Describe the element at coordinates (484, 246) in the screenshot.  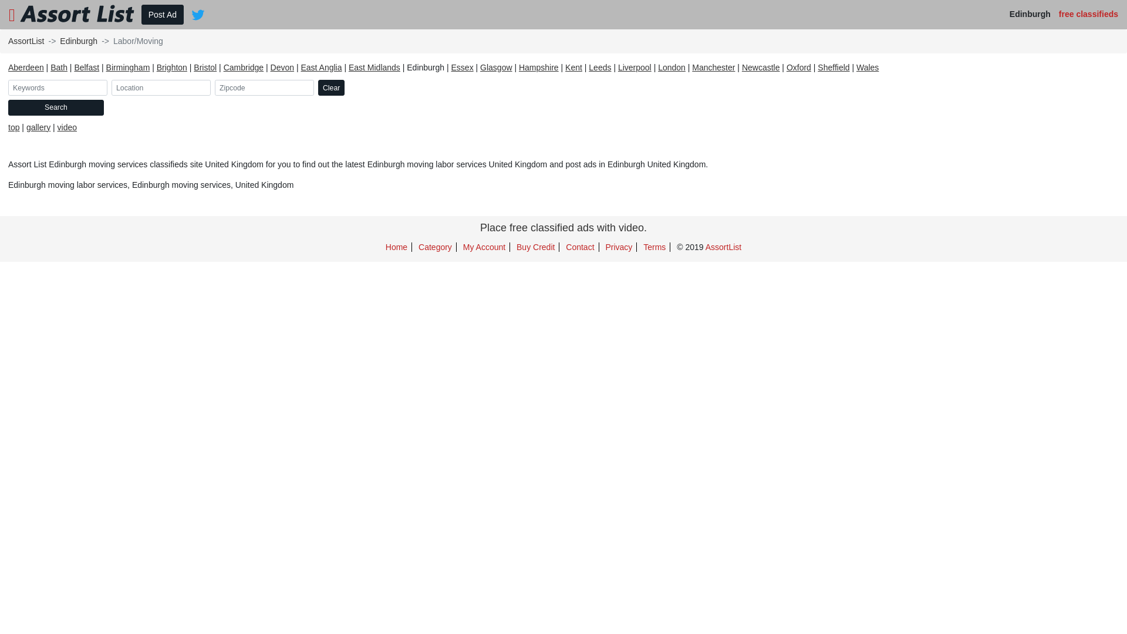
I see `'My Account'` at that location.